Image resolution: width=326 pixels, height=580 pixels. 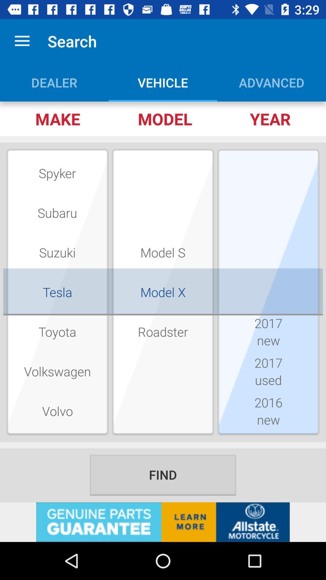 I want to click on advertisement, so click(x=163, y=522).